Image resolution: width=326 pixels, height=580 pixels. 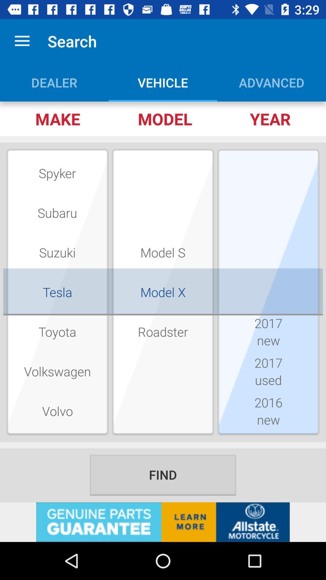 I want to click on advertisement, so click(x=163, y=522).